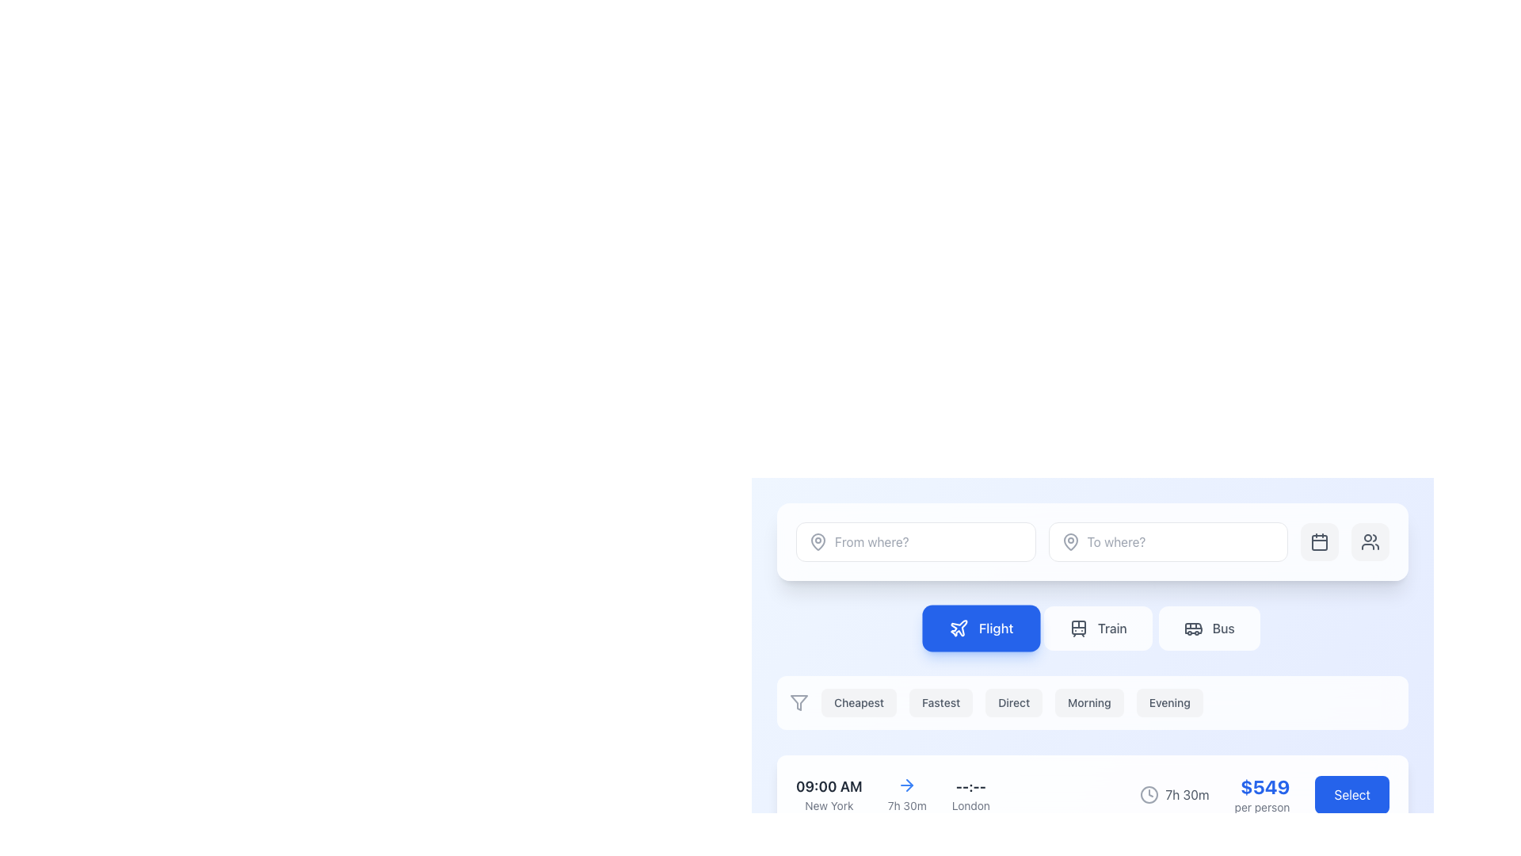 This screenshot has width=1521, height=856. I want to click on the small-sized text label displaying 'per person' in light gray color, located below the '$549' price text in the flight information card, so click(1261, 807).